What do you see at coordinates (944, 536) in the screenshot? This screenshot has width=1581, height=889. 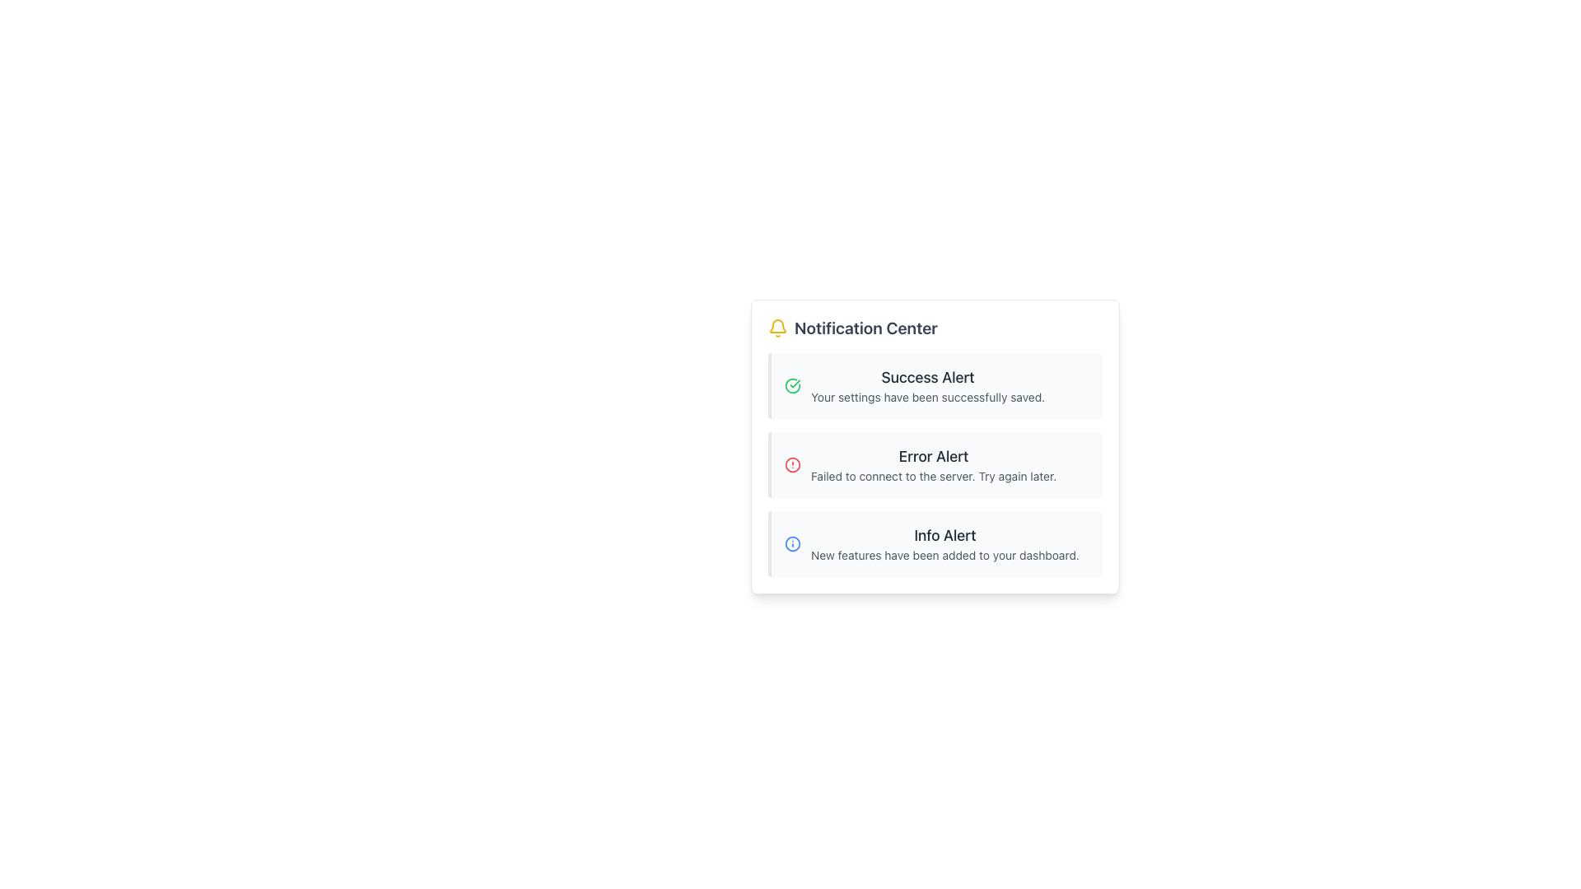 I see `the 'Info Alert' text display, which is a bold, medium-sized gray text located at the top of the notification section in the Notification Center` at bounding box center [944, 536].